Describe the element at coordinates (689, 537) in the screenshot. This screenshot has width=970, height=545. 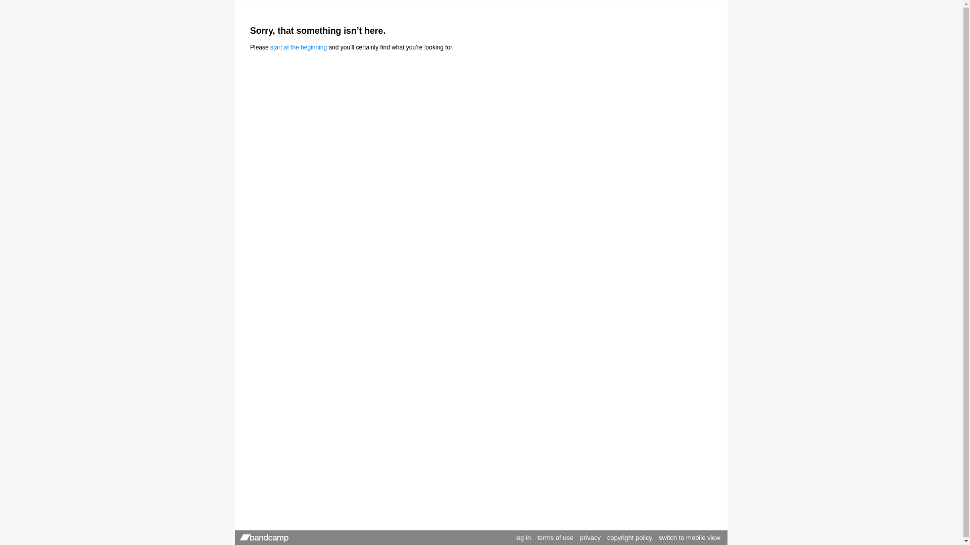
I see `'switch to mobile view'` at that location.